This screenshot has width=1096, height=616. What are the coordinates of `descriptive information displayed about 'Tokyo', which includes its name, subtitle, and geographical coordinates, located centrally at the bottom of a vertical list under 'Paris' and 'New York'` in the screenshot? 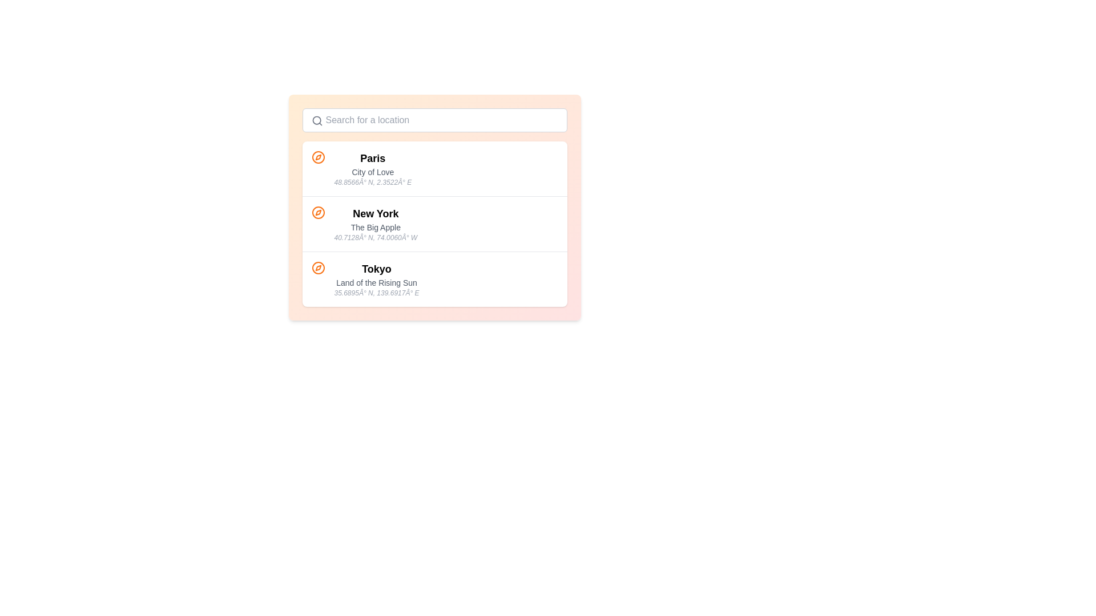 It's located at (377, 279).